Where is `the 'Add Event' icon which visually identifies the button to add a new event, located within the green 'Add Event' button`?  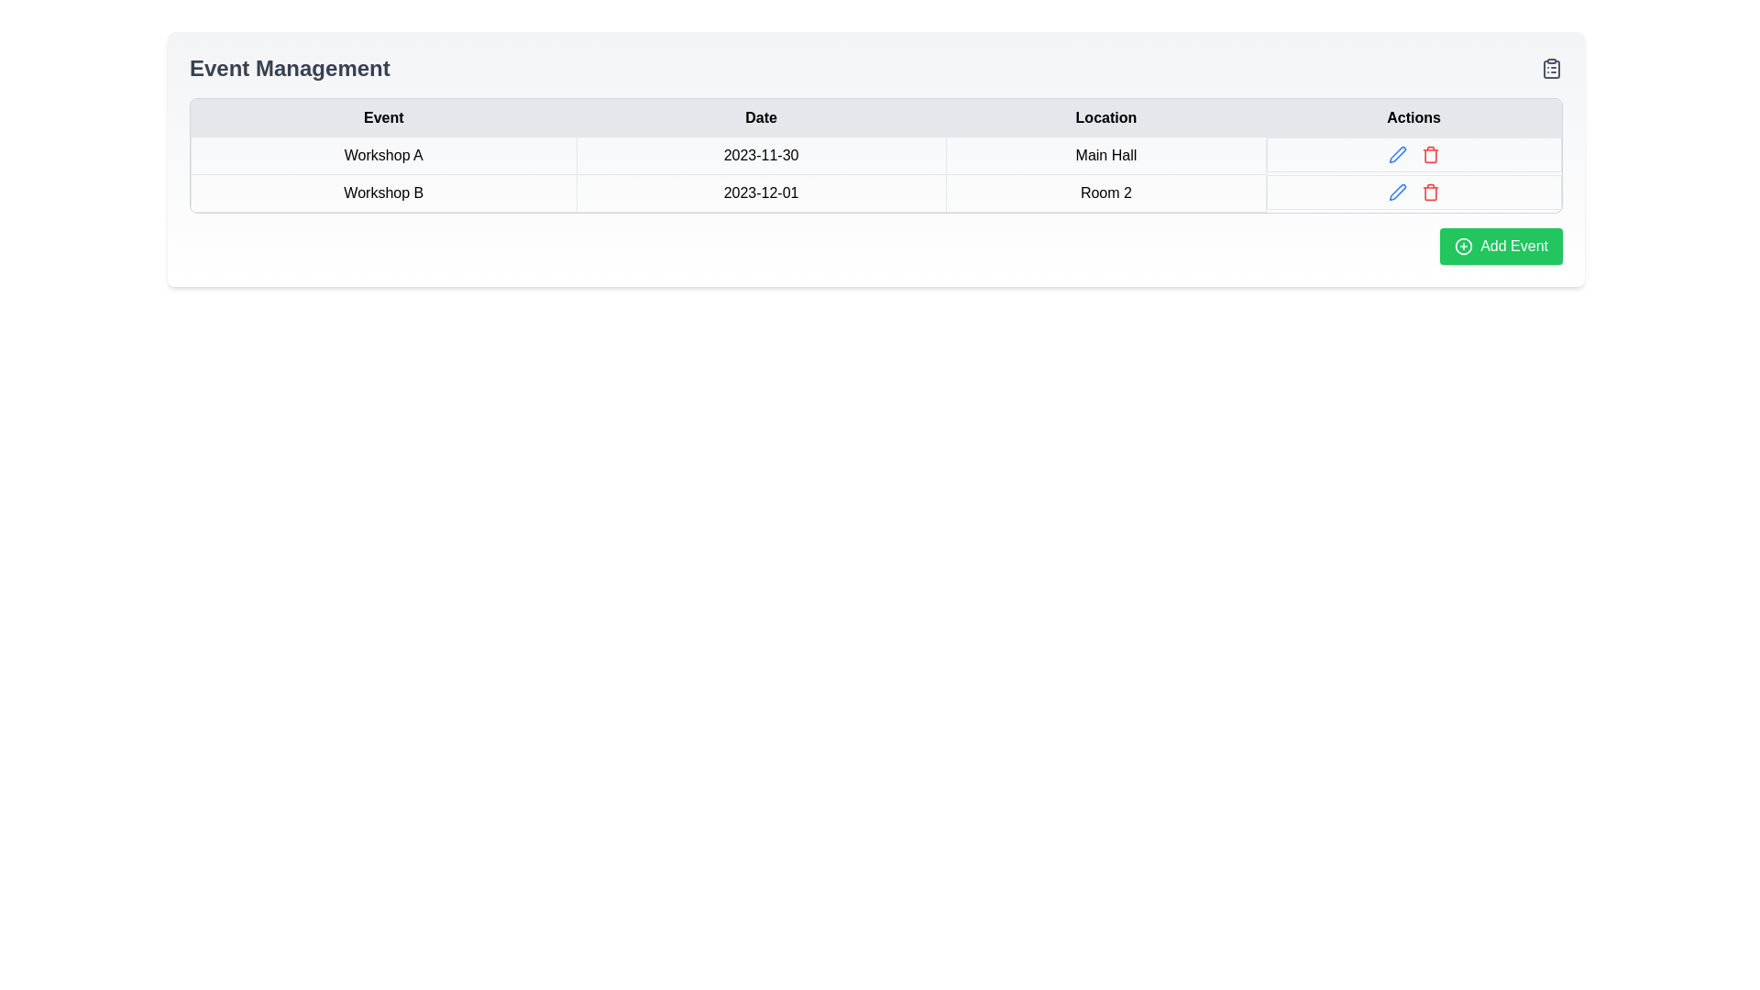 the 'Add Event' icon which visually identifies the button to add a new event, located within the green 'Add Event' button is located at coordinates (1463, 246).